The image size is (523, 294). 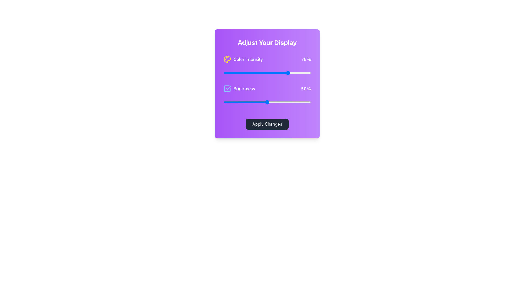 I want to click on the confirm button located at the bottom center of the purple card interface to apply changes to the settings for color intensity and brightness, so click(x=267, y=124).